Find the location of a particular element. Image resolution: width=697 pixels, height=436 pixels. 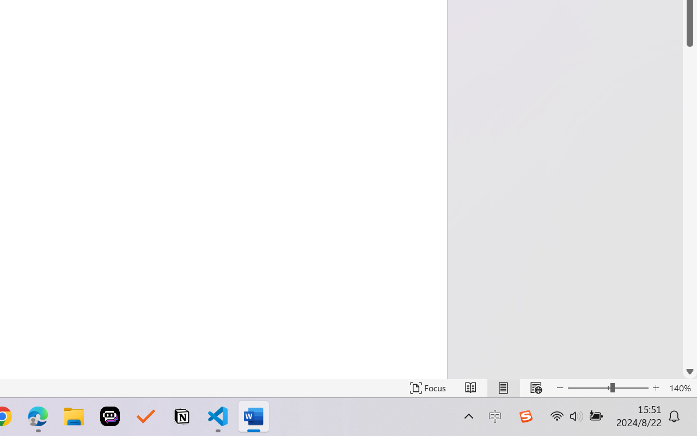

'Line down' is located at coordinates (689, 372).